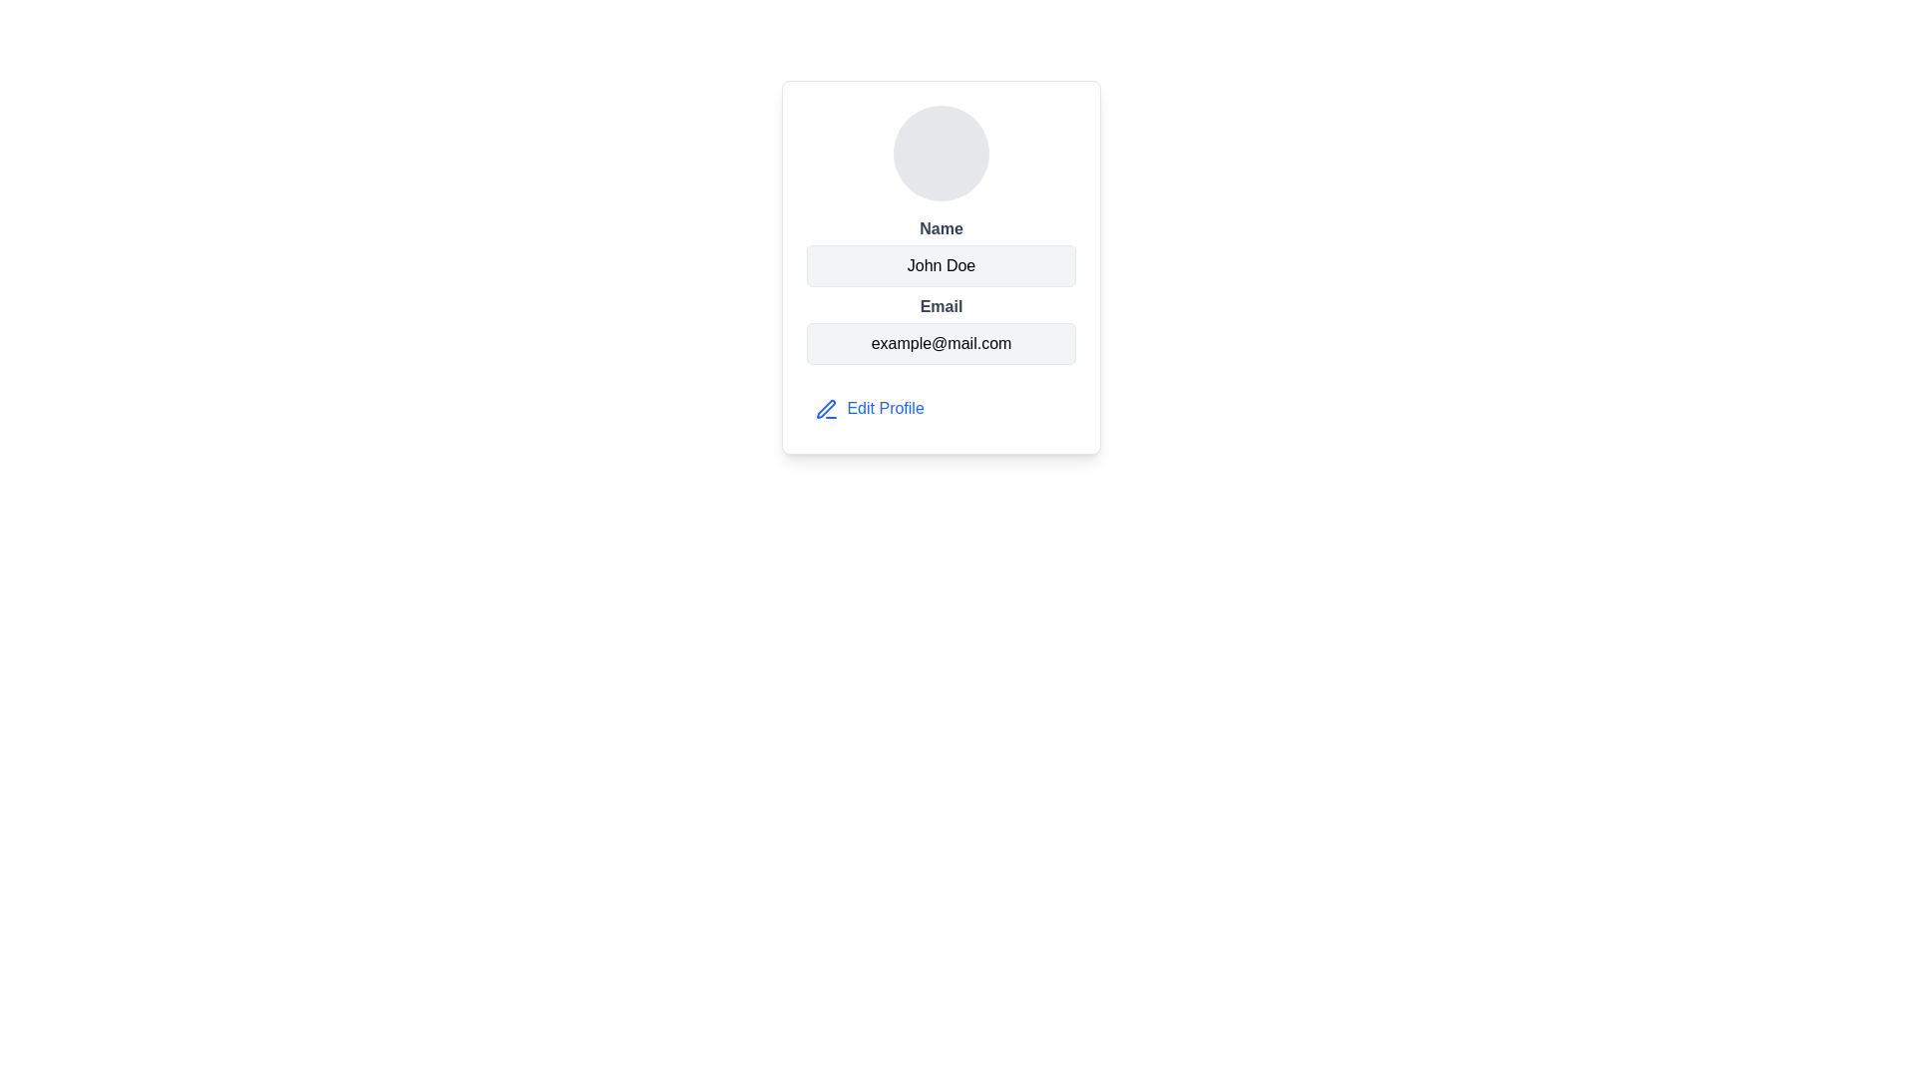 This screenshot has height=1077, width=1915. I want to click on text label styled as 'Email' in bold dark gray color, located in the user profile card interface above the email address display, so click(941, 307).